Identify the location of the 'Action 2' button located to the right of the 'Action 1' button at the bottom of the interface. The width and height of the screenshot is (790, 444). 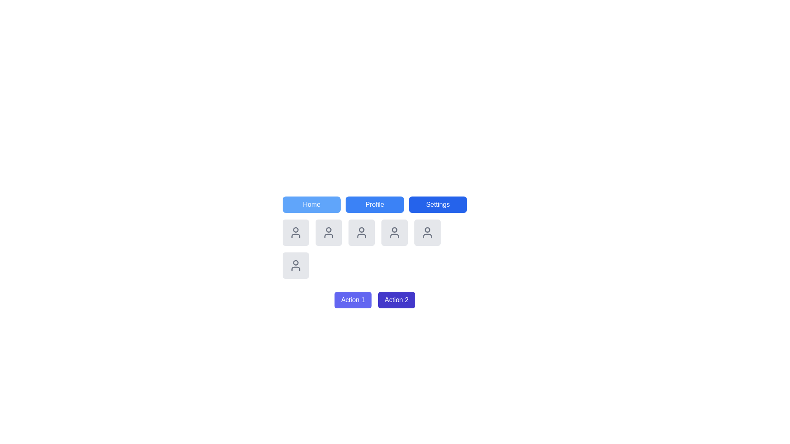
(396, 300).